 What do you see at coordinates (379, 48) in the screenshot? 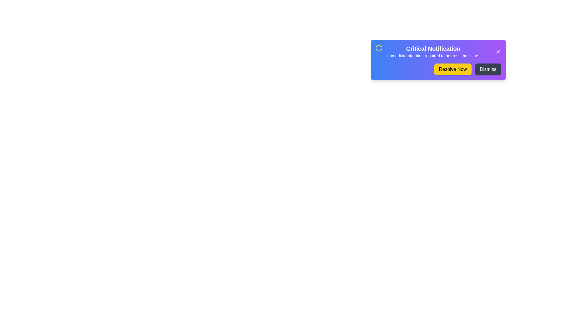
I see `the critical notification icon located in the notification bar, which is positioned to the left of the text 'Critical Notification'` at bounding box center [379, 48].